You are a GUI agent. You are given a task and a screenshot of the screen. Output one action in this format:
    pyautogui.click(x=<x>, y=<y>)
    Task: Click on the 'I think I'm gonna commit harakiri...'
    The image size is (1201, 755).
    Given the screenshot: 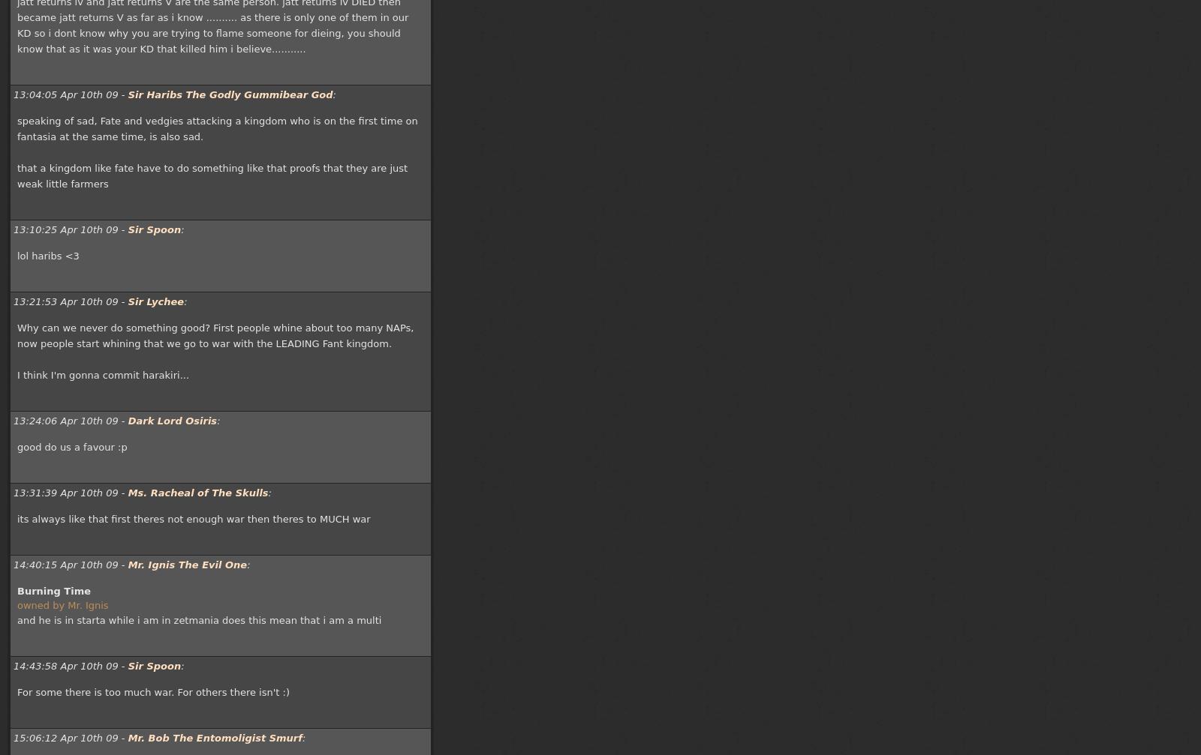 What is the action you would take?
    pyautogui.click(x=17, y=375)
    